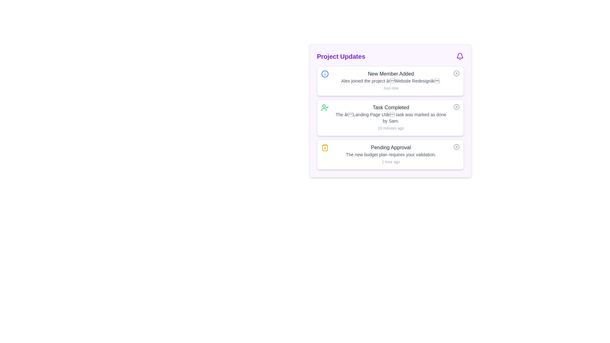 The image size is (610, 343). I want to click on the text that provides additional details related to the notification about the new budget plan awaiting user validation, located beneath the 'Pending Approval' heading in the 'Project Updates' section, so click(390, 154).